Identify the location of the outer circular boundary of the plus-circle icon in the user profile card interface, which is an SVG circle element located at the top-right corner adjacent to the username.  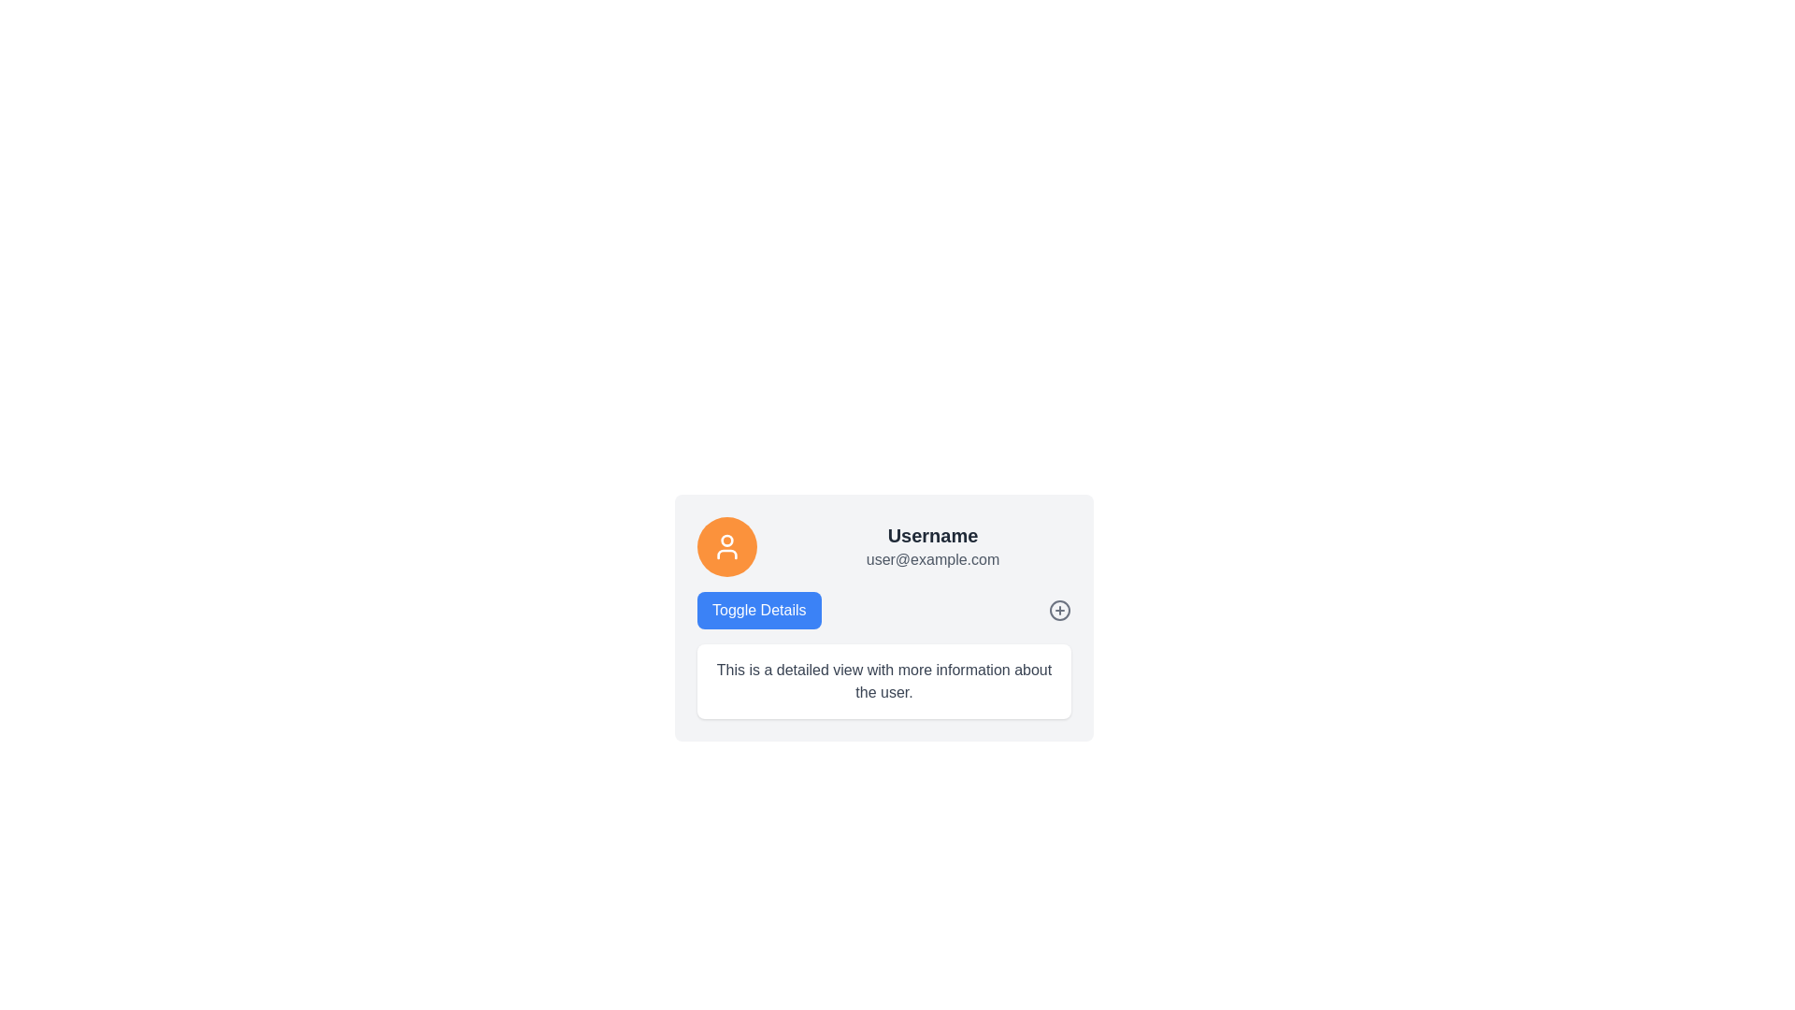
(1059, 610).